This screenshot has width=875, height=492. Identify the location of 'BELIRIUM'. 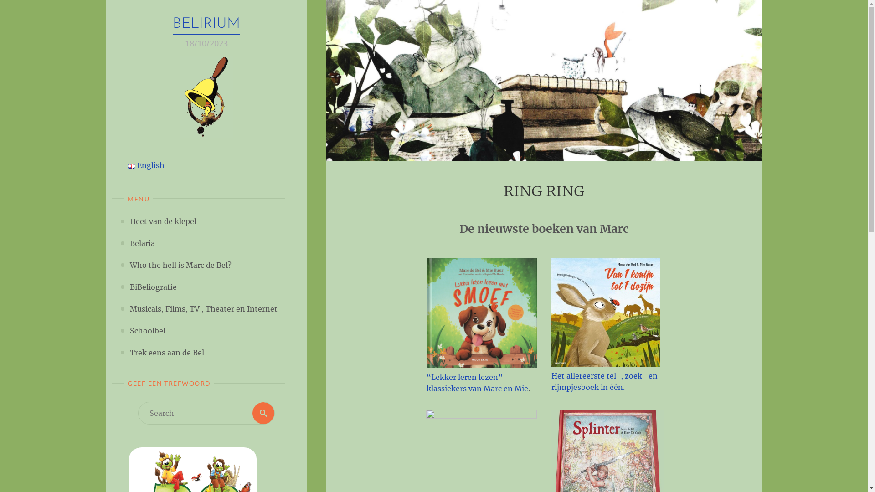
(205, 24).